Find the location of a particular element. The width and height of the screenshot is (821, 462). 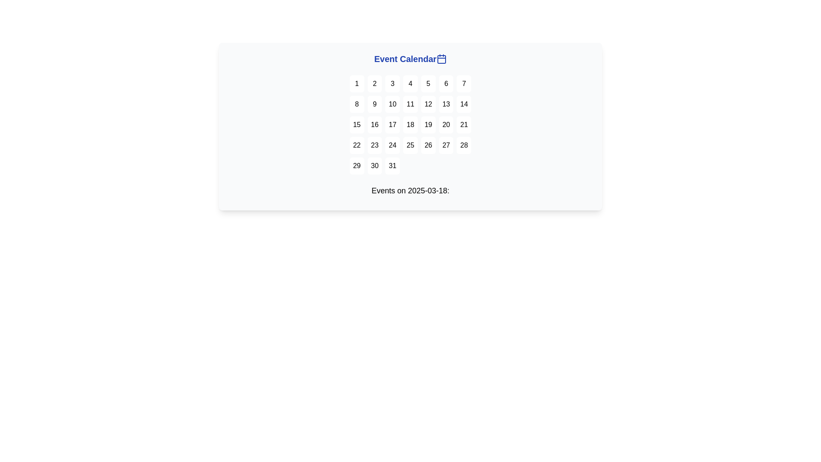

the date button located in the third row and first column of the calendar grid is located at coordinates (357, 125).